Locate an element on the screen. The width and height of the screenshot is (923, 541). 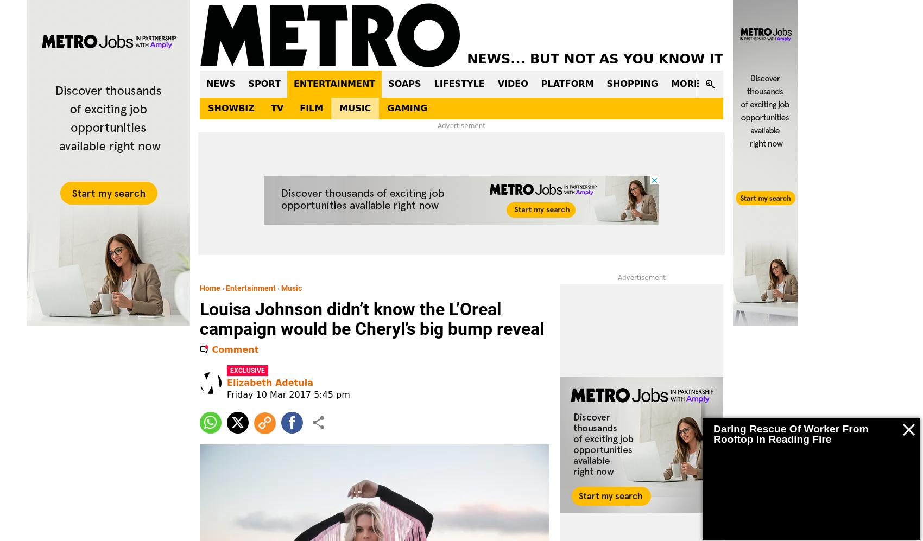
'The media could not be loaded, either because the server or network failed or because the format is not supported.' is located at coordinates (809, 422).